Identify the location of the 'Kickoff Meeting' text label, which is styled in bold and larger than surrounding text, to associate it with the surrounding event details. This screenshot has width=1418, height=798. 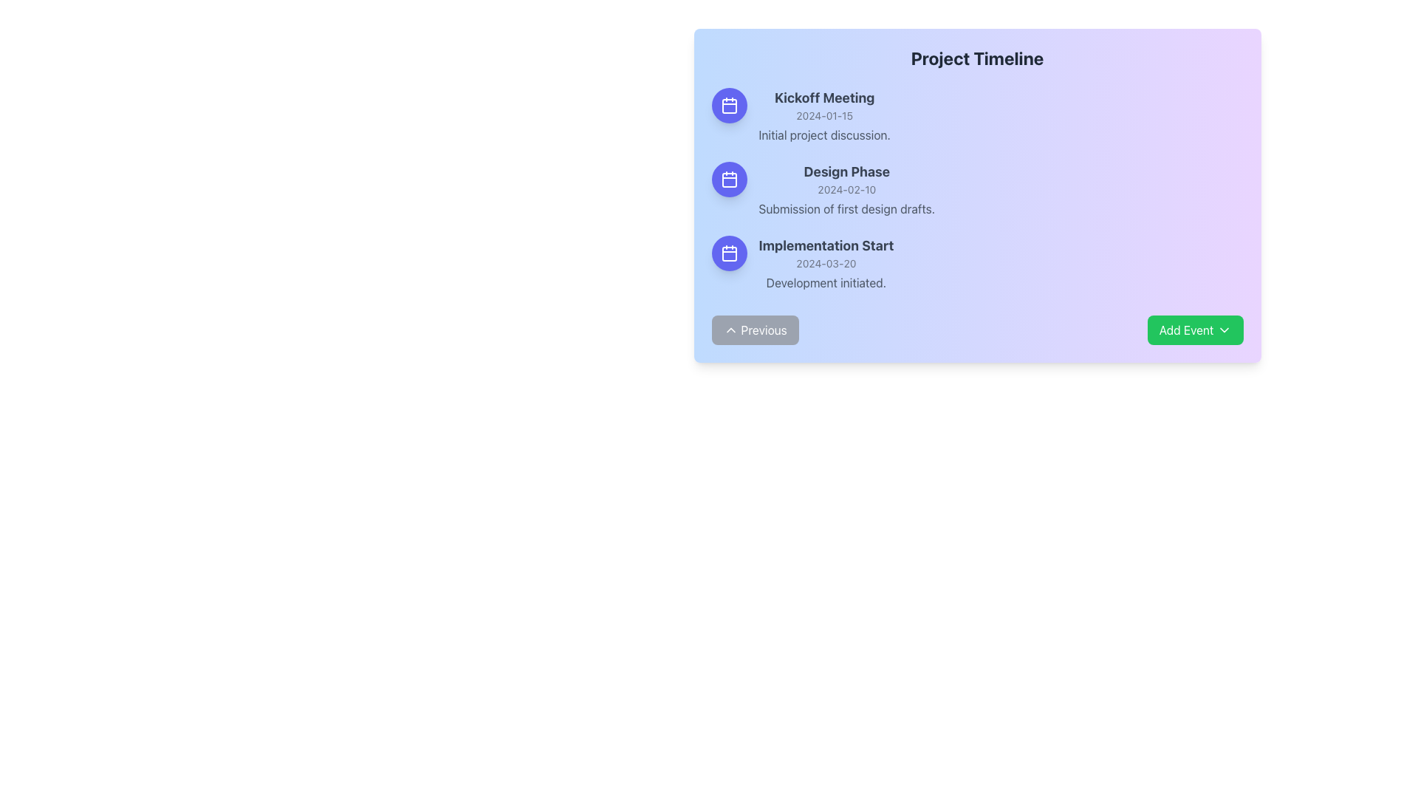
(823, 98).